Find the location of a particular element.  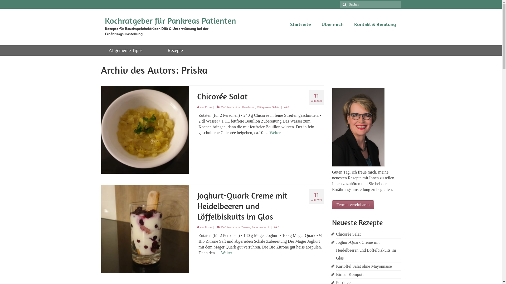

'Termin vereinbaren' is located at coordinates (353, 205).